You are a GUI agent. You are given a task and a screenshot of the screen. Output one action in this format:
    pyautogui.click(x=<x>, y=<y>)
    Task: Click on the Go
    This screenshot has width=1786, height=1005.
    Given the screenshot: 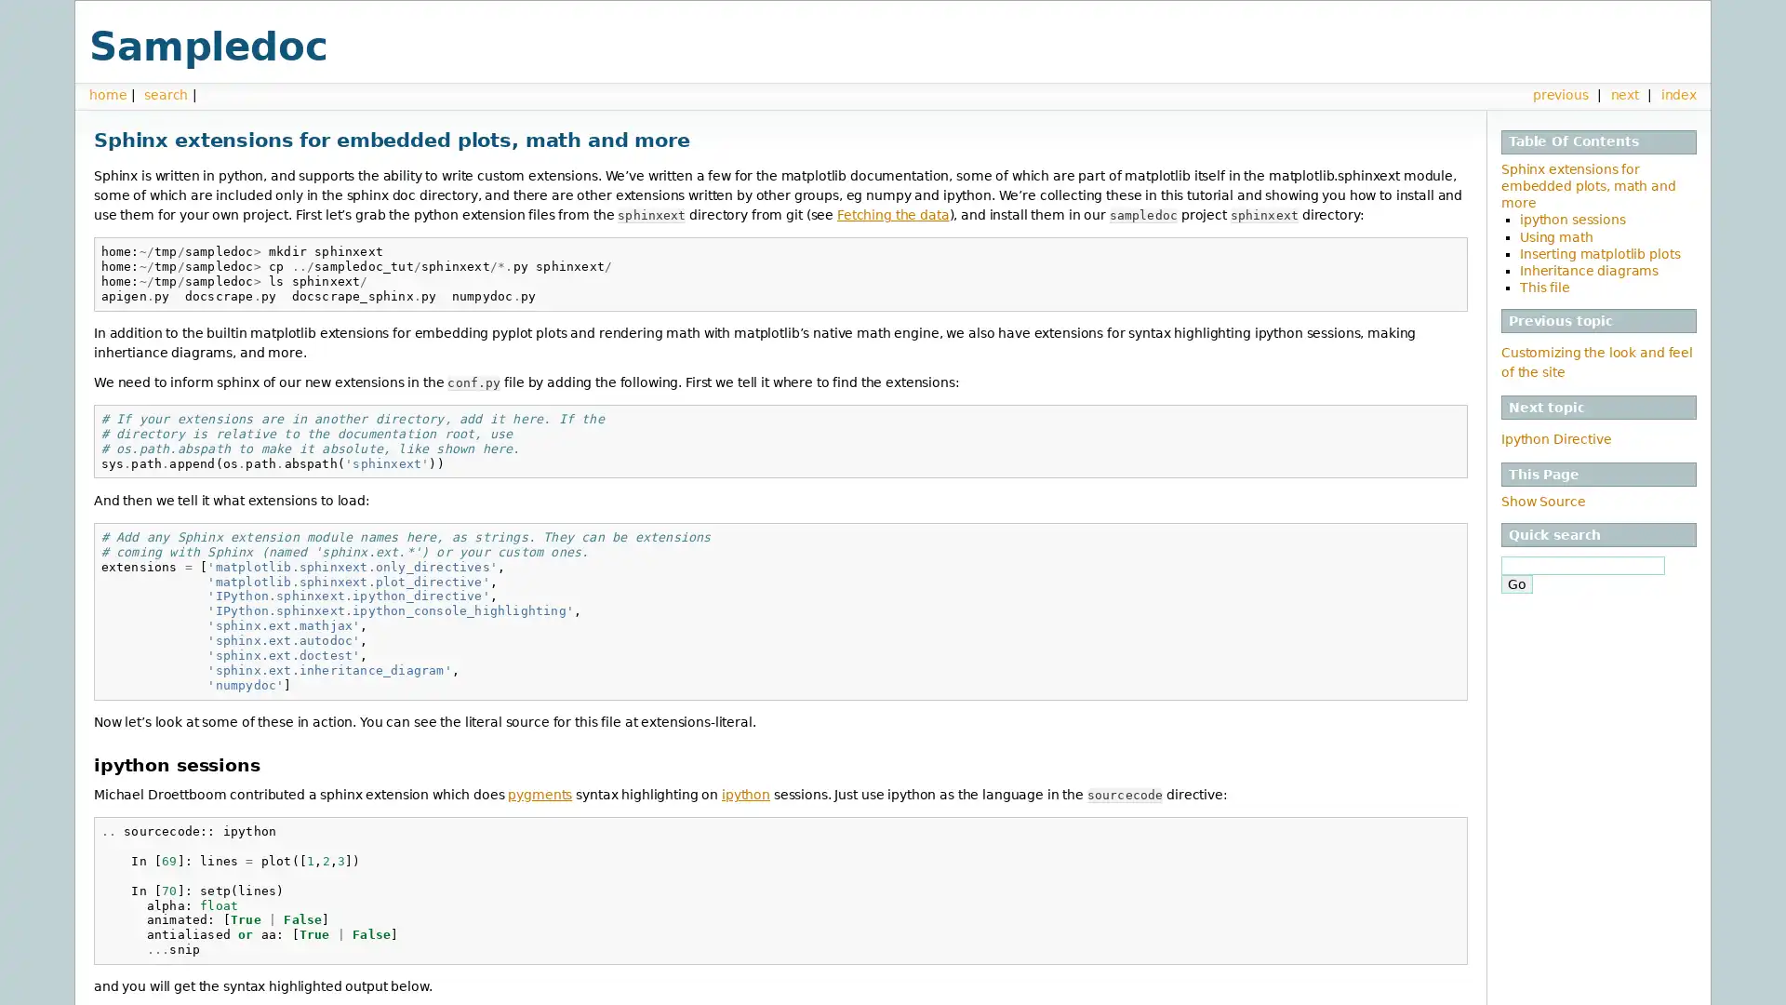 What is the action you would take?
    pyautogui.click(x=1517, y=583)
    